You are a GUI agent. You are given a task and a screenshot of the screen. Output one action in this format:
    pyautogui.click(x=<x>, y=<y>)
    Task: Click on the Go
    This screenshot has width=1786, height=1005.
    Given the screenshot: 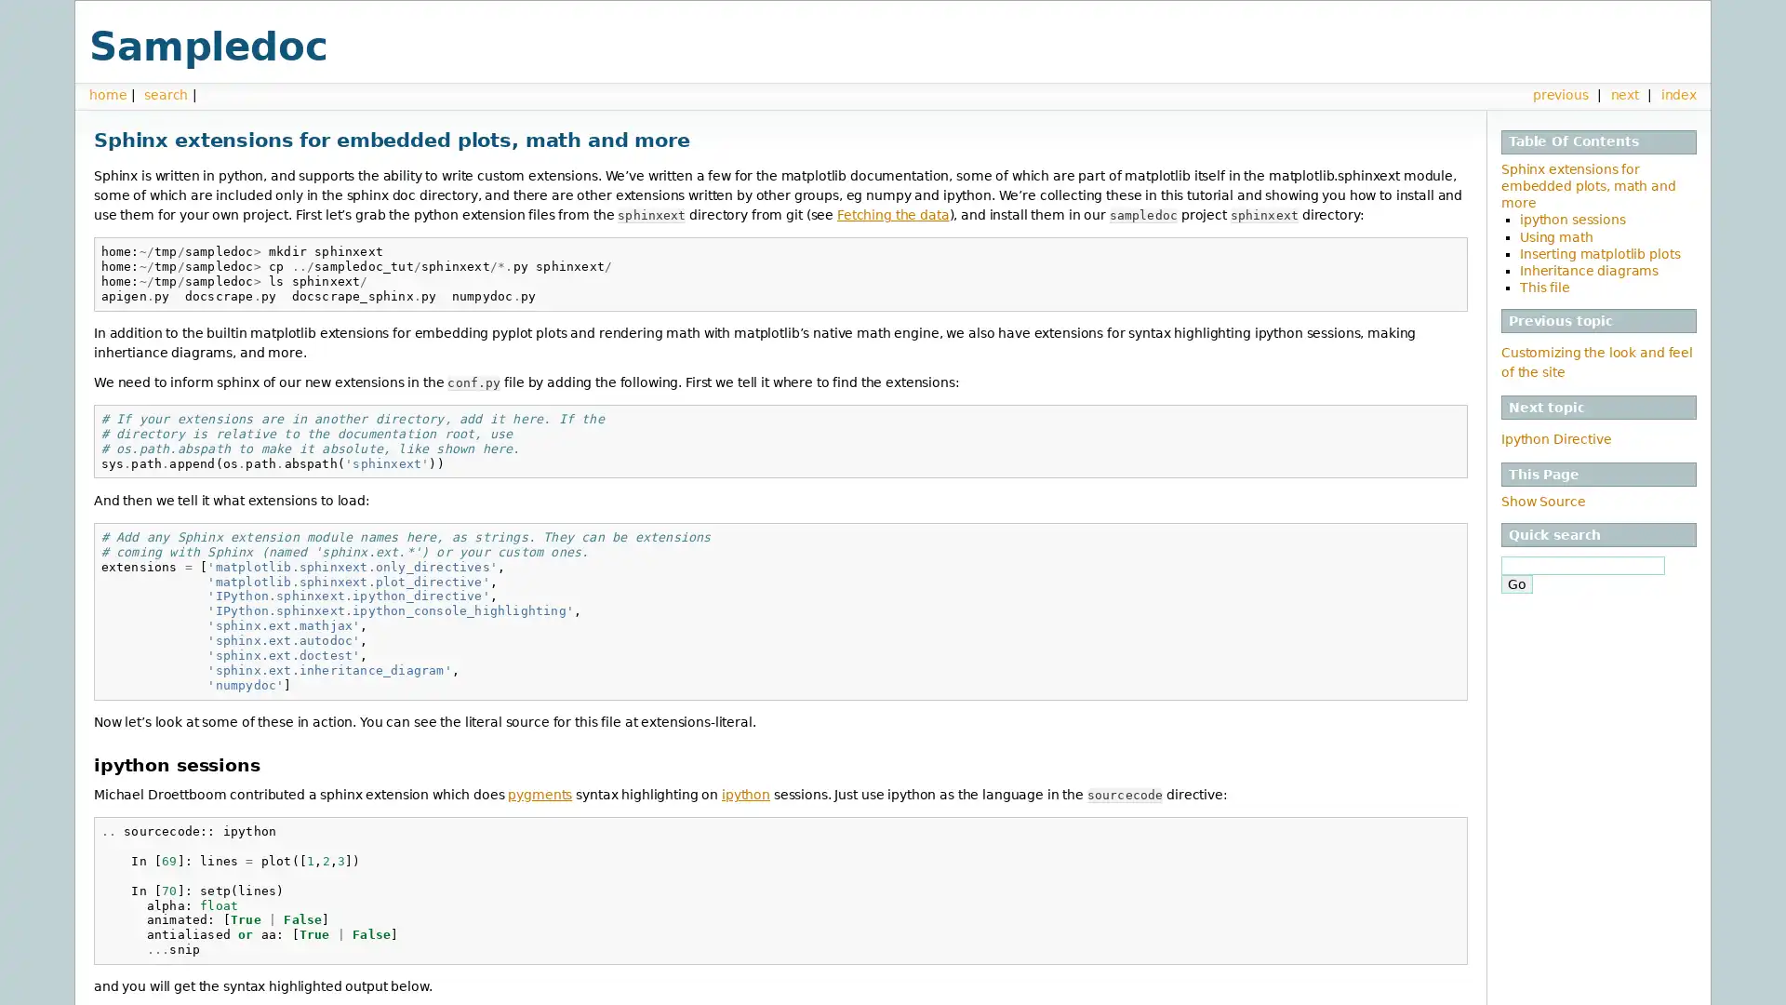 What is the action you would take?
    pyautogui.click(x=1517, y=583)
    